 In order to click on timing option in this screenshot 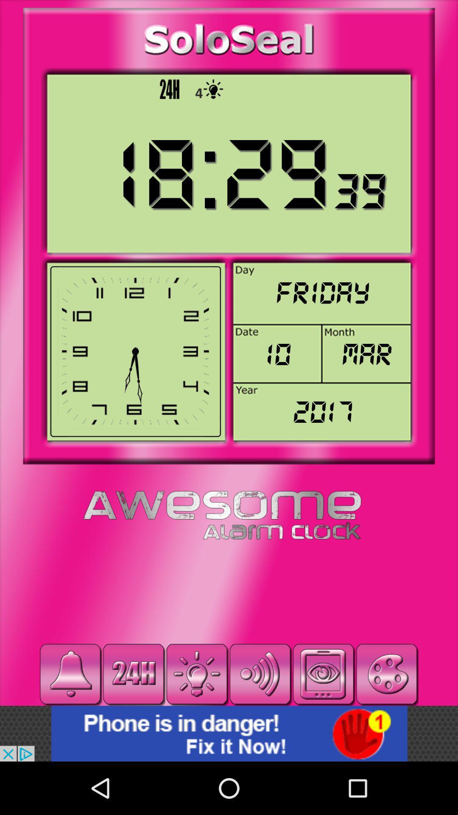, I will do `click(134, 674)`.